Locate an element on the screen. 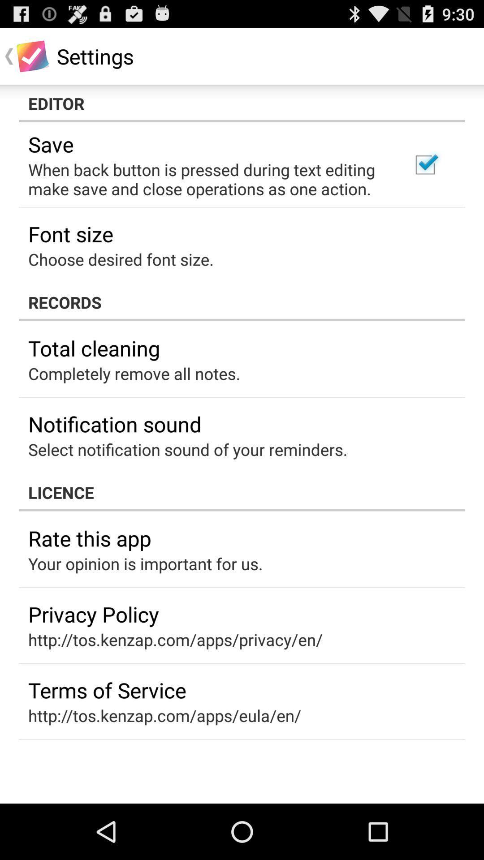 The image size is (484, 860). the editor icon is located at coordinates (242, 103).